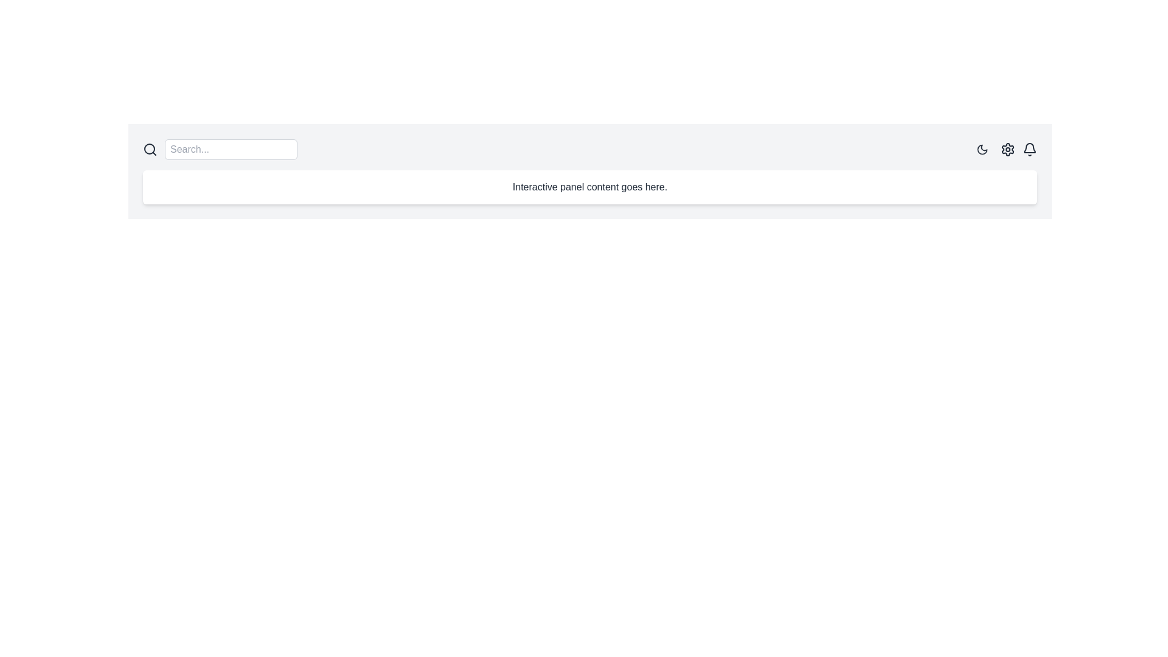  I want to click on the settings IconButton located in the top-right corner of the interface, so click(1004, 149).